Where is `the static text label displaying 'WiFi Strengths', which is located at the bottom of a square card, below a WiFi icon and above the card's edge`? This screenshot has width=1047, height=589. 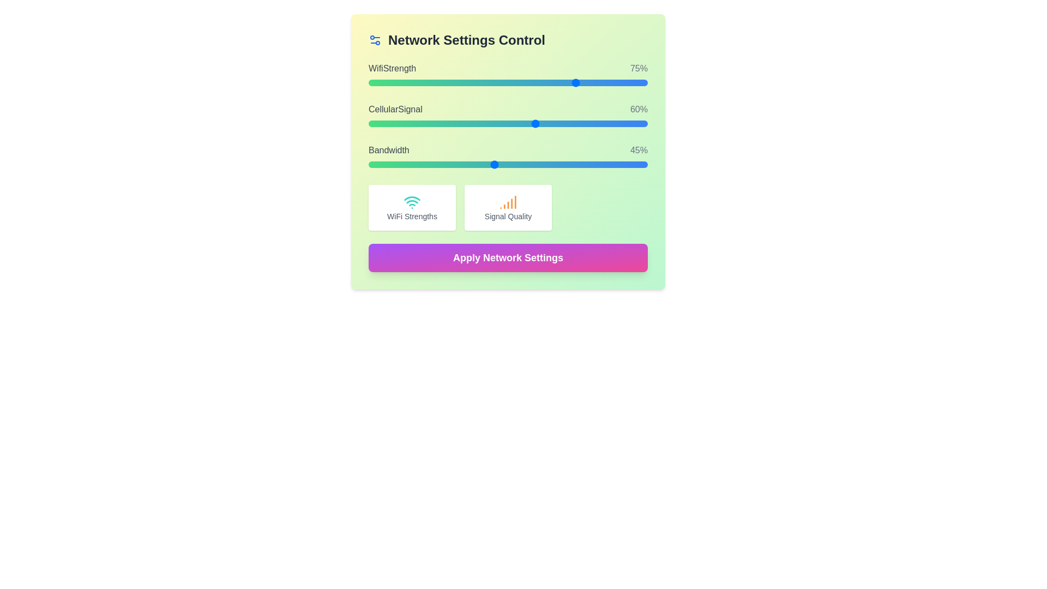
the static text label displaying 'WiFi Strengths', which is located at the bottom of a square card, below a WiFi icon and above the card's edge is located at coordinates (411, 217).